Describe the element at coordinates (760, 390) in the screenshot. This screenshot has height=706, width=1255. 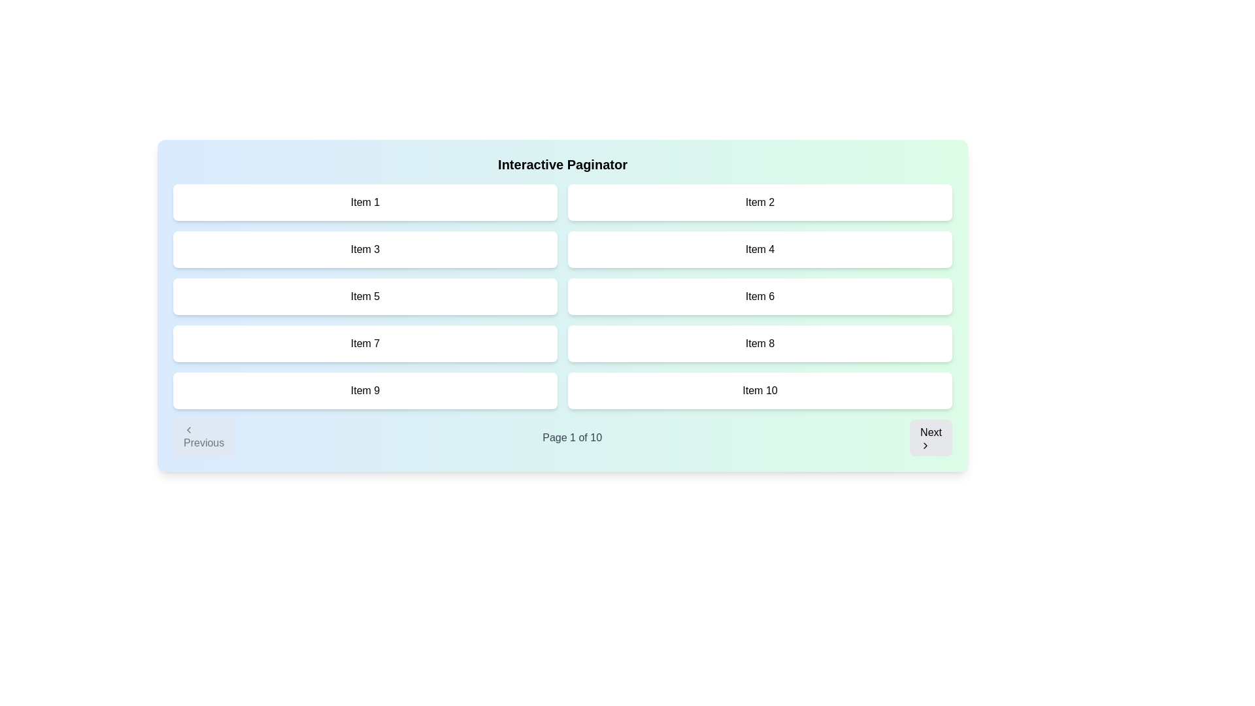
I see `the card displaying 'Item 10' with a white background and rounded corners located in the bottom-right of a grid of cards` at that location.